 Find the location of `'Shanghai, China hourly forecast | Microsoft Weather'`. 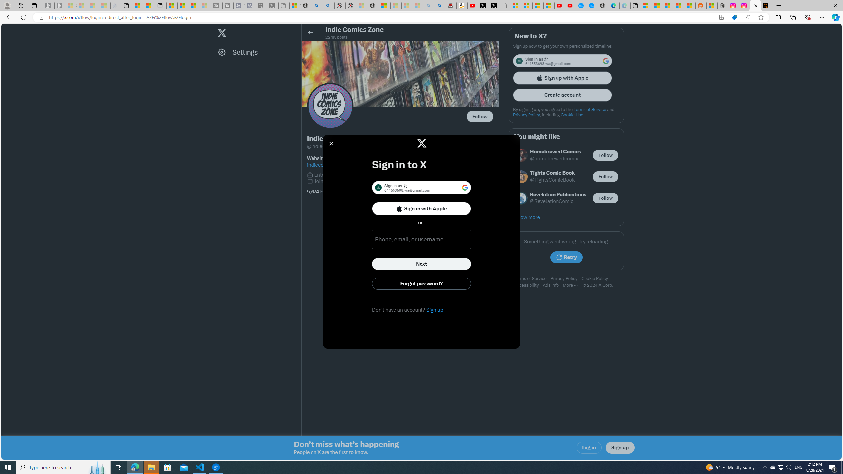

'Shanghai, China hourly forecast | Microsoft Weather' is located at coordinates (668, 5).